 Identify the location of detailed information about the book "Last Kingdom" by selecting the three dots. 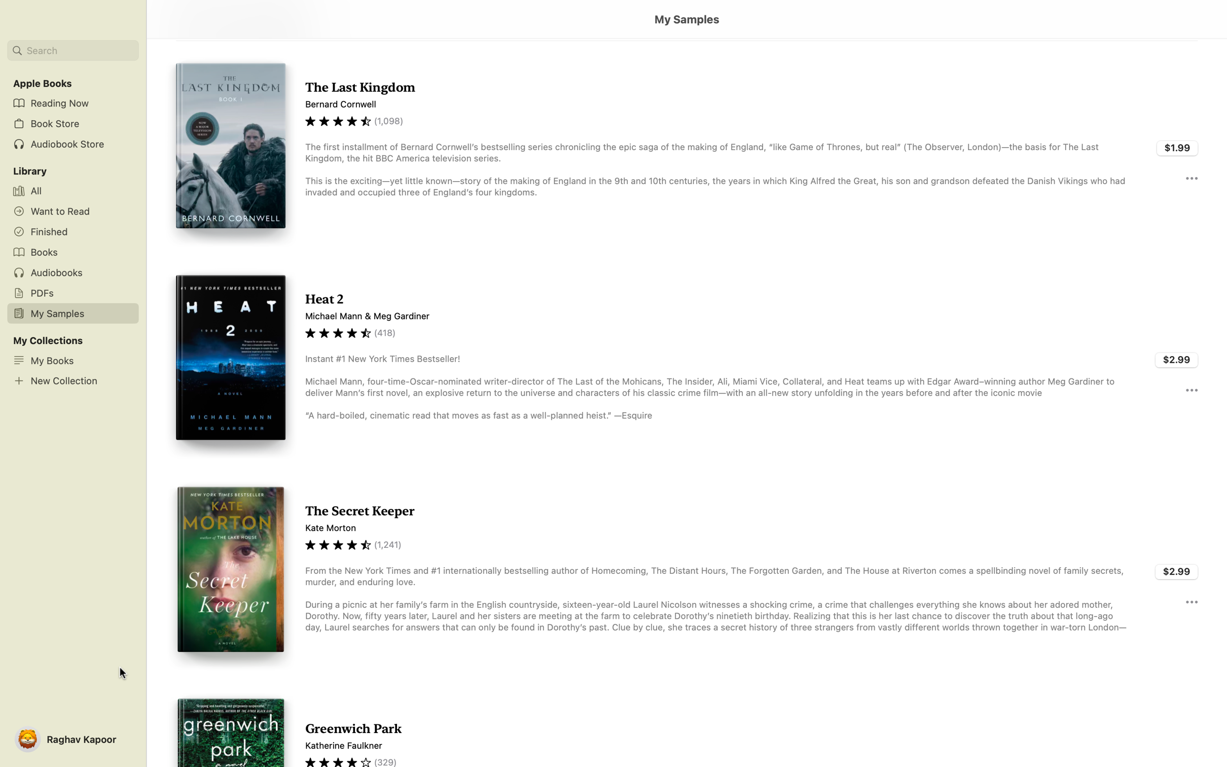
(1190, 177).